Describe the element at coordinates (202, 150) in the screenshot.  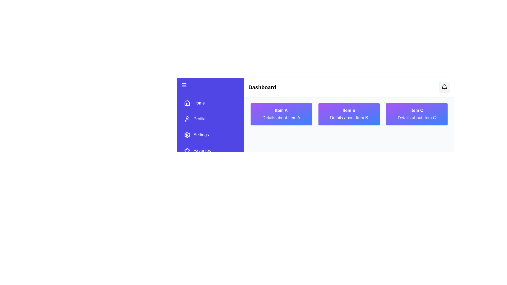
I see `text displayed on the Favorites label in the sidebar menu, which is the last entry in the vertical list of options and aligned with a star-shaped icon` at that location.